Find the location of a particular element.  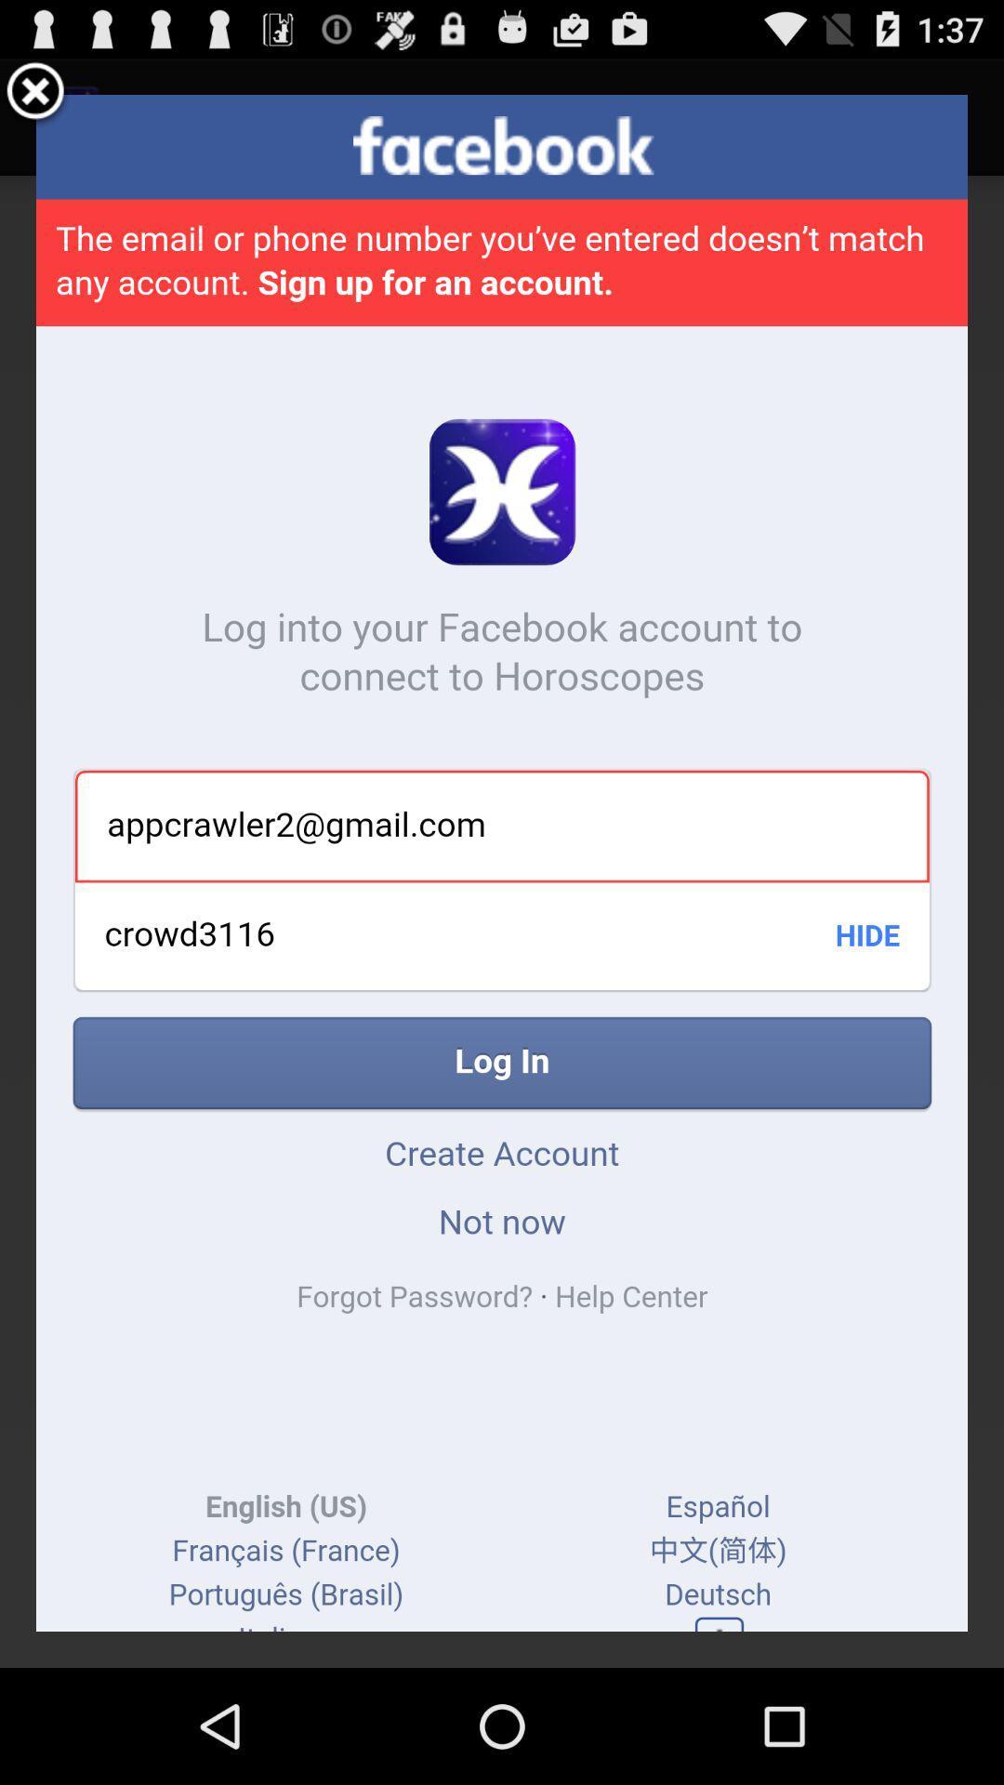

icon at the center is located at coordinates (502, 862).